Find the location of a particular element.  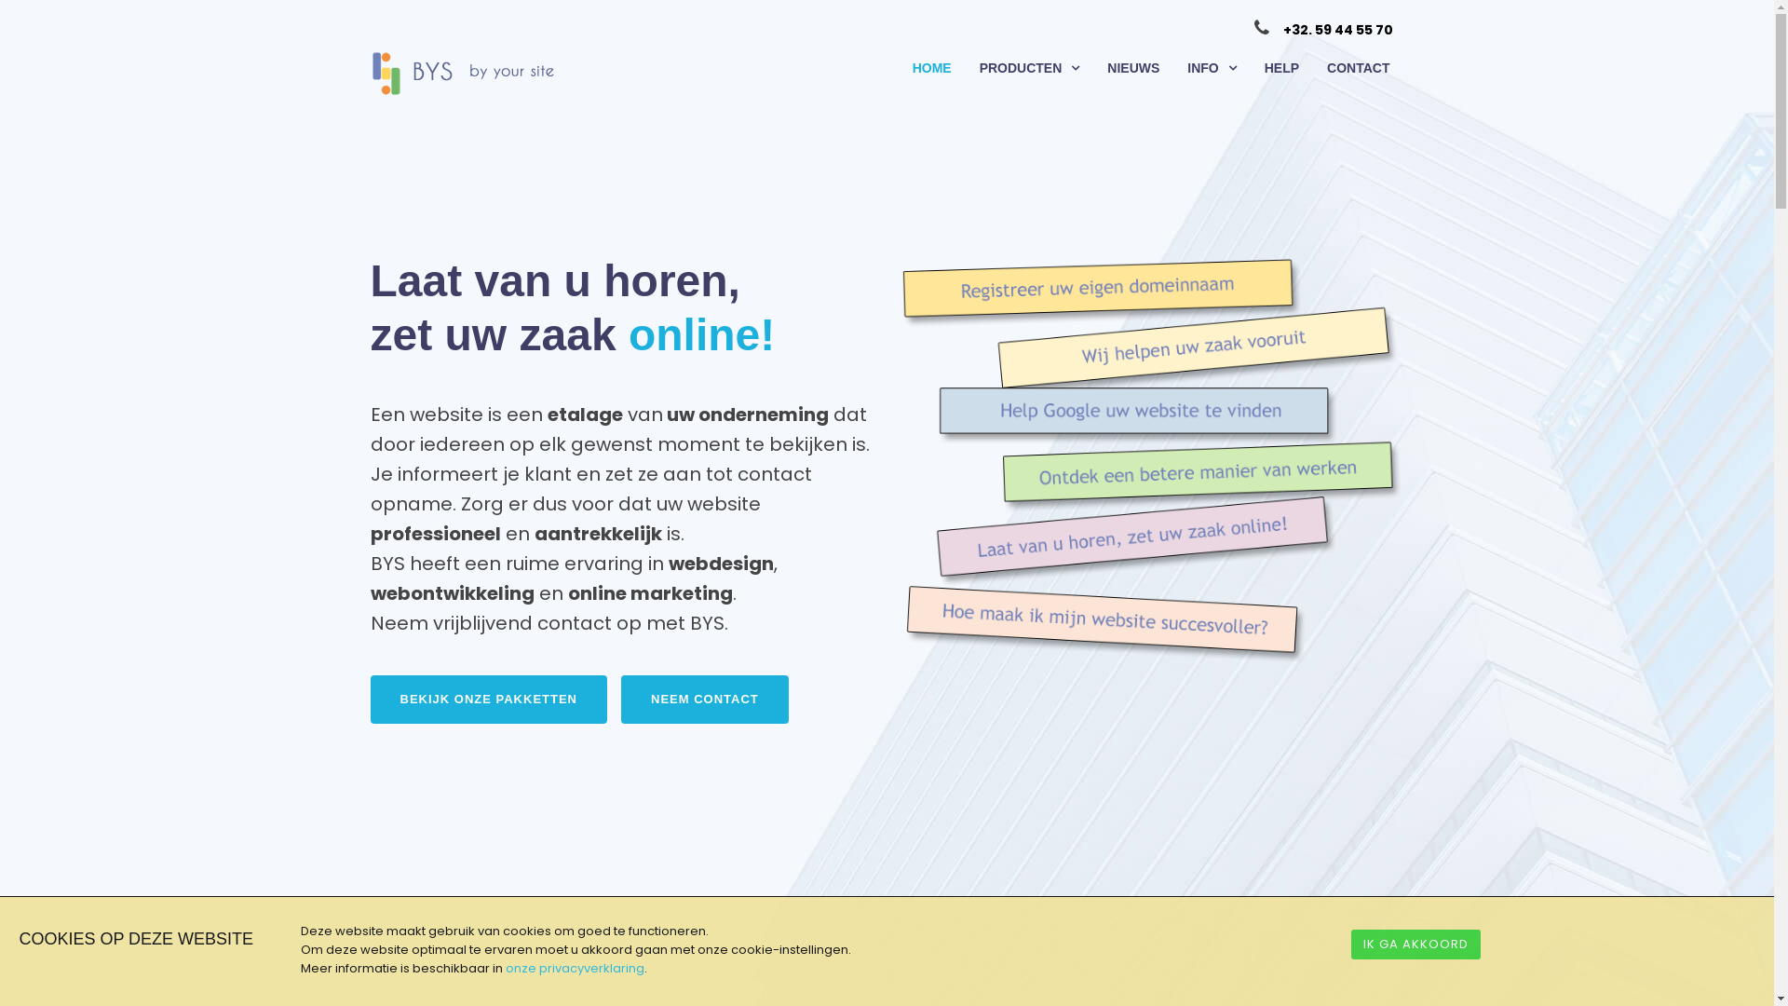

'+32. 59 44 55 70' is located at coordinates (1336, 30).